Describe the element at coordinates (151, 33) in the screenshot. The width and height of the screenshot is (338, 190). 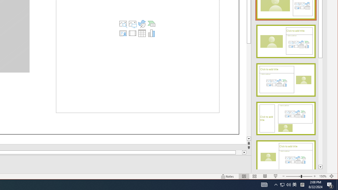
I see `'Insert Chart'` at that location.